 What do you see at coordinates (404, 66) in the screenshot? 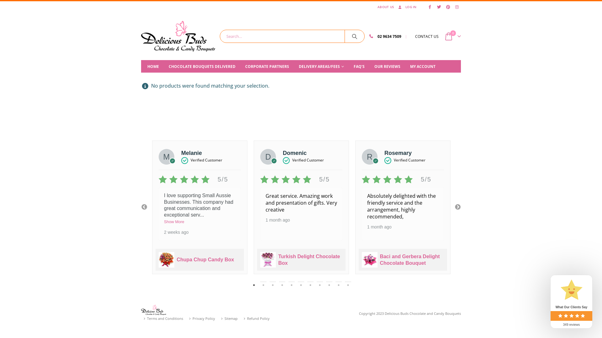
I see `'MY ACCOUNT'` at bounding box center [404, 66].